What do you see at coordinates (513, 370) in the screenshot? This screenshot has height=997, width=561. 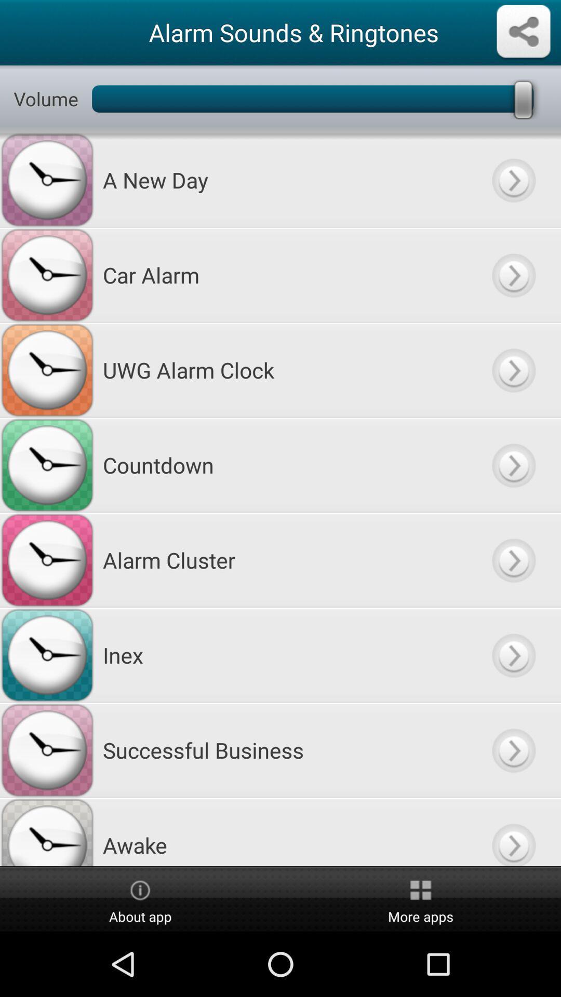 I see `move` at bounding box center [513, 370].